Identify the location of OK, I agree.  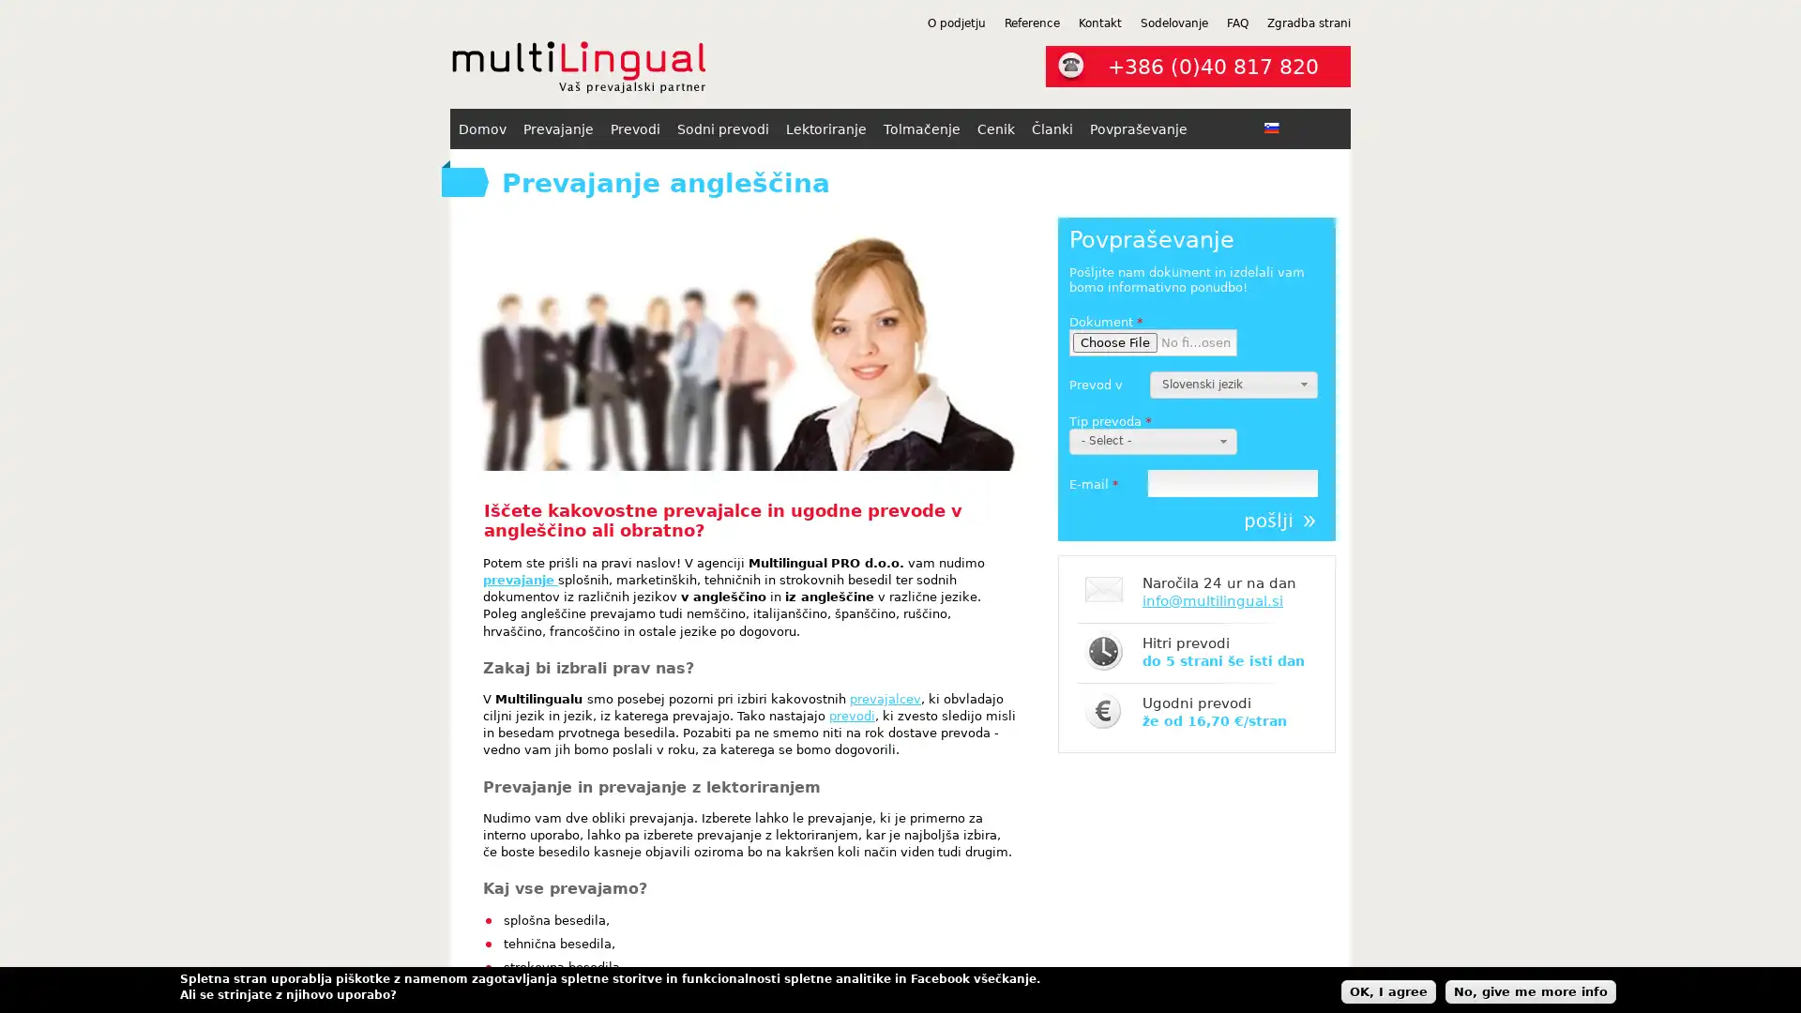
(1388, 990).